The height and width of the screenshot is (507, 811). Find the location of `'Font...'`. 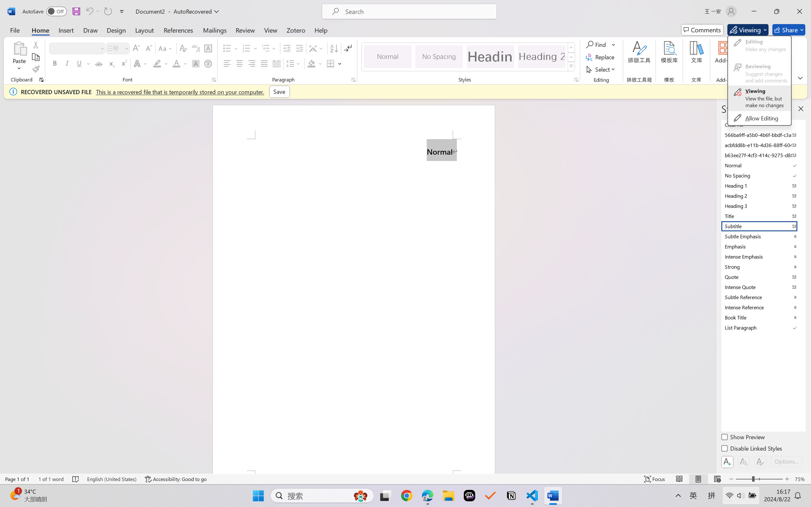

'Font...' is located at coordinates (213, 79).